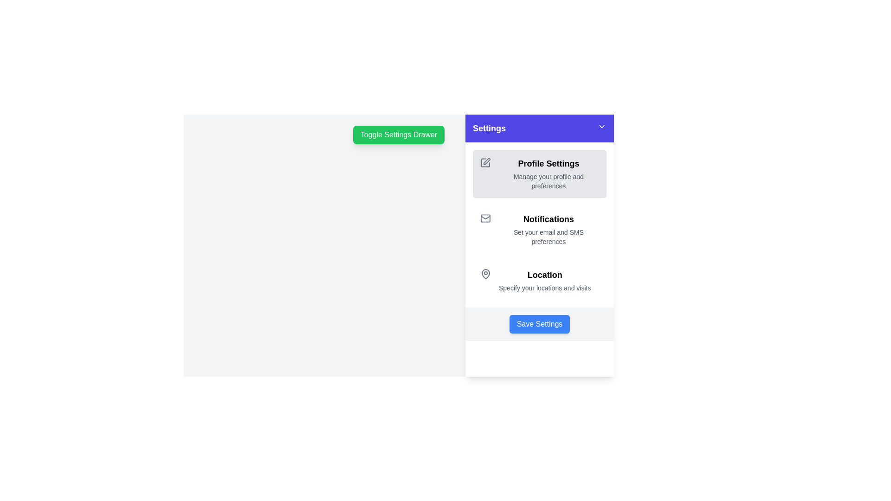 The height and width of the screenshot is (501, 891). I want to click on the Decorative icon that symbolizes 'Profile Settings' located in the settings menu on the right-hand side of the interface, so click(485, 162).